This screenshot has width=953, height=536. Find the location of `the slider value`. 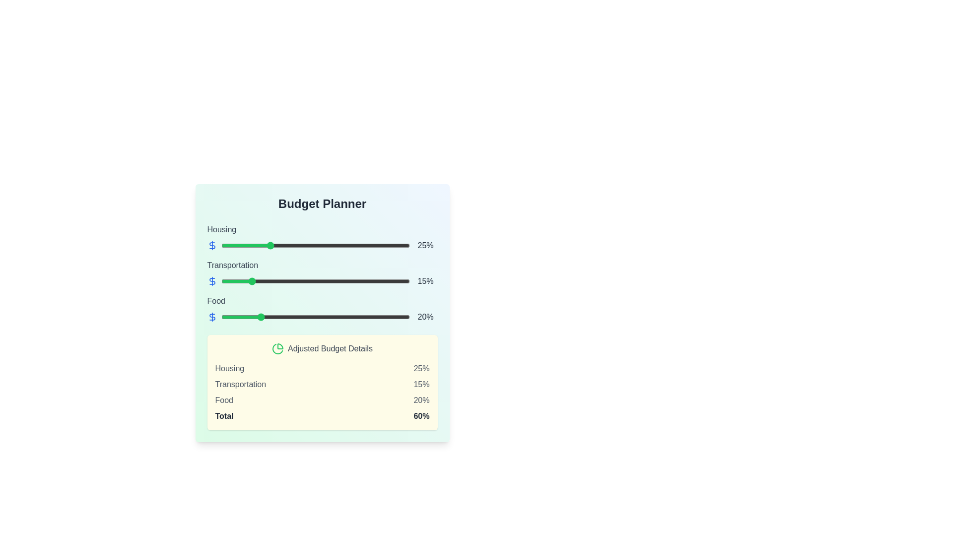

the slider value is located at coordinates (404, 317).